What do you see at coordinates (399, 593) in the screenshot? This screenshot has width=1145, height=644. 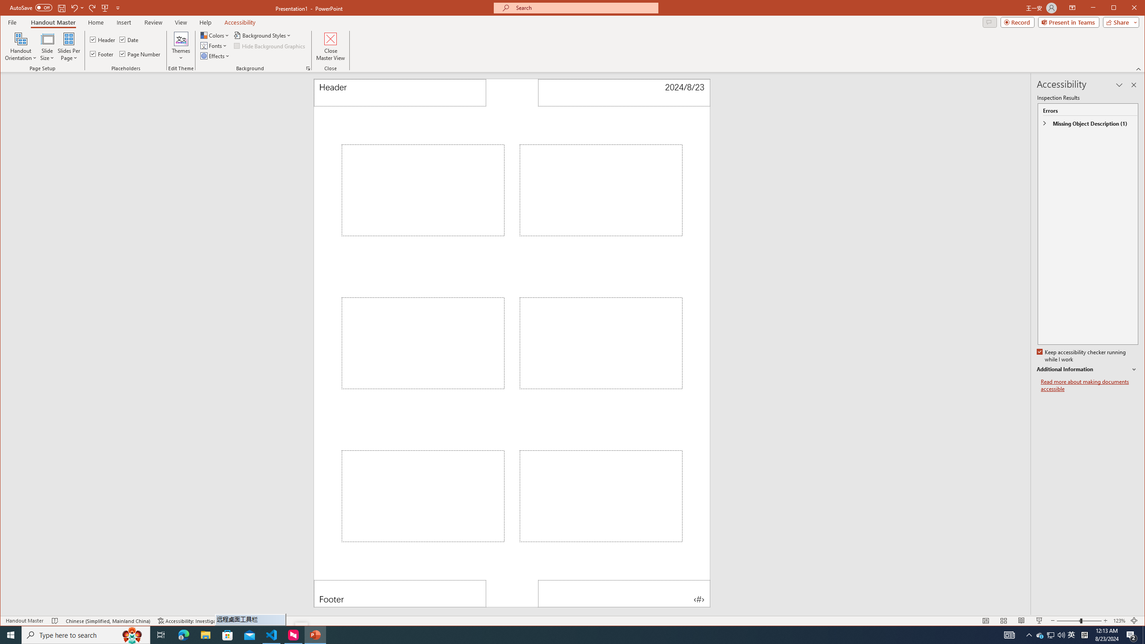 I see `'Footer'` at bounding box center [399, 593].